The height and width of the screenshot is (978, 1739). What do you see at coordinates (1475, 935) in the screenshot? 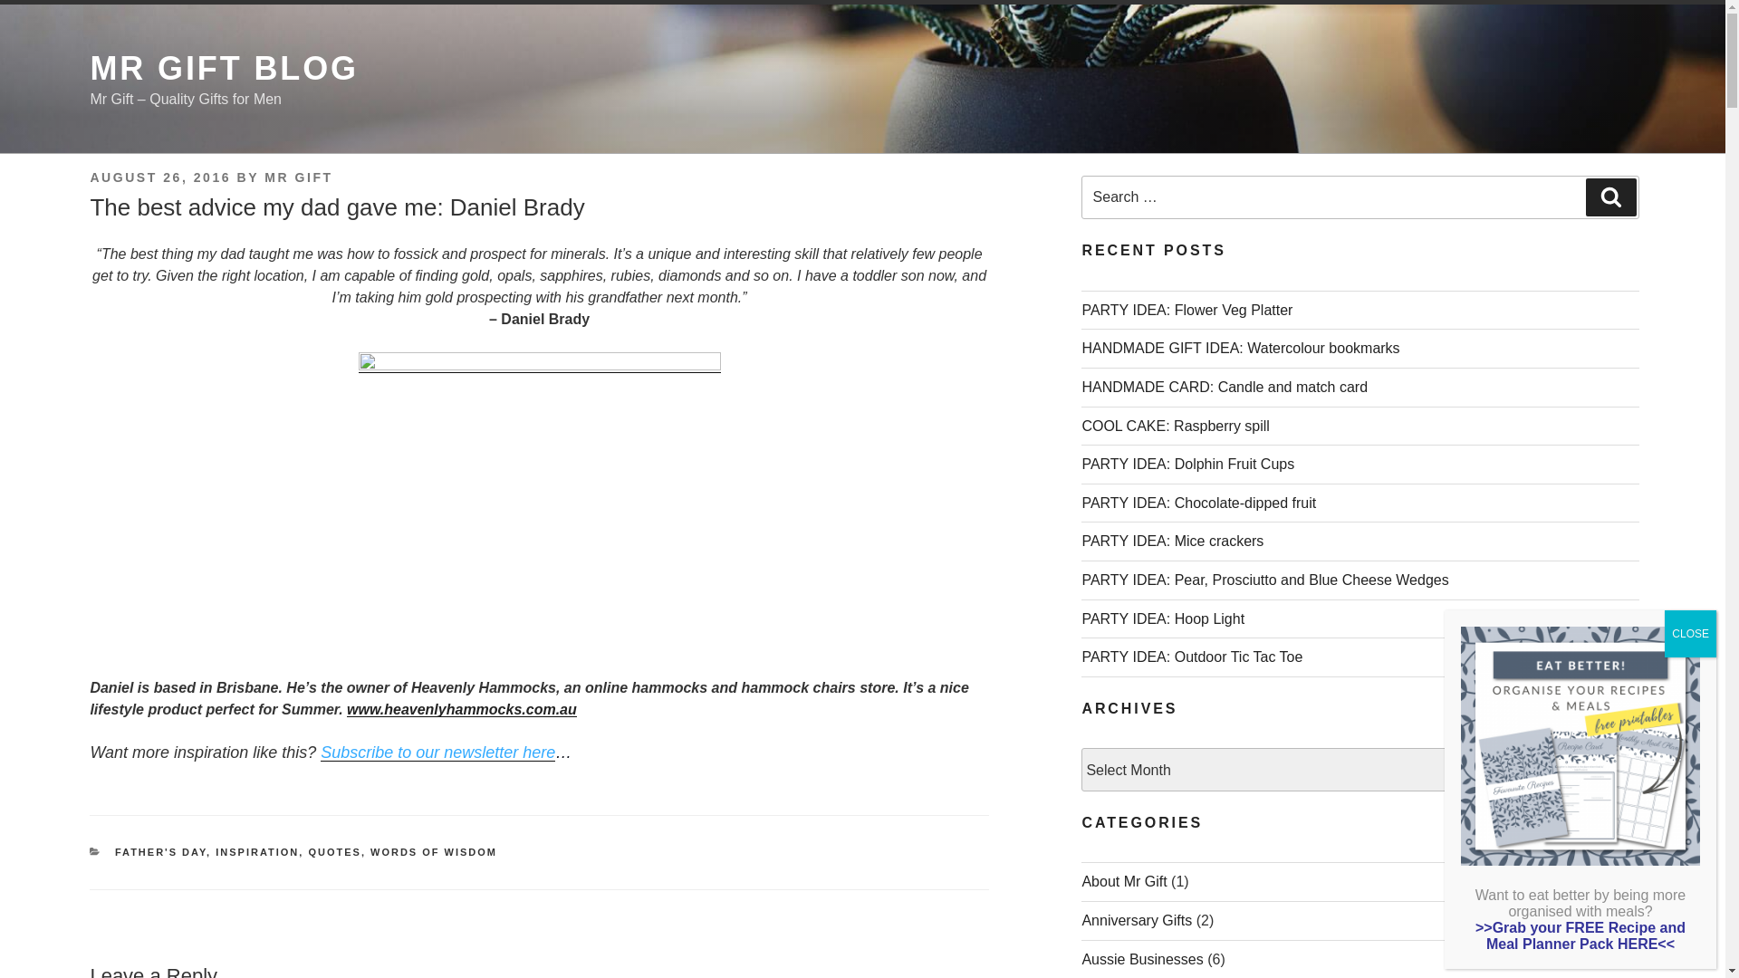
I see `'>>Grab your FREE Recipe and Meal Planner Pack HERE<<'` at bounding box center [1475, 935].